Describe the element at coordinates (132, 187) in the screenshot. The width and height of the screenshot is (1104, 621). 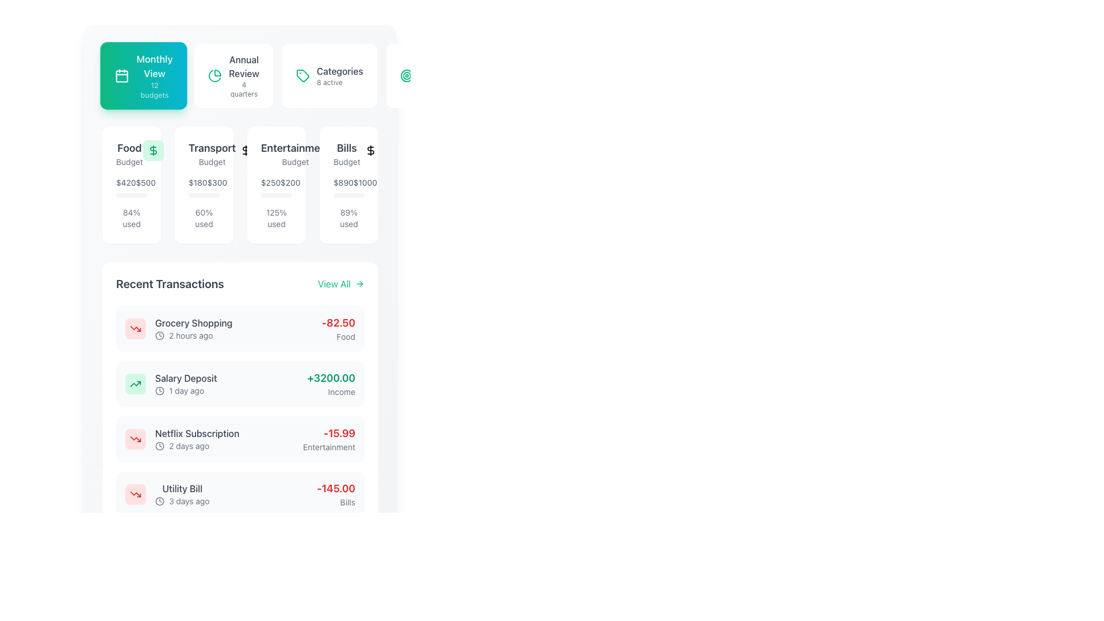
I see `text label displaying the budget amounts '$420$500' in the 'Food Budget' card under the label 'Budget'` at that location.